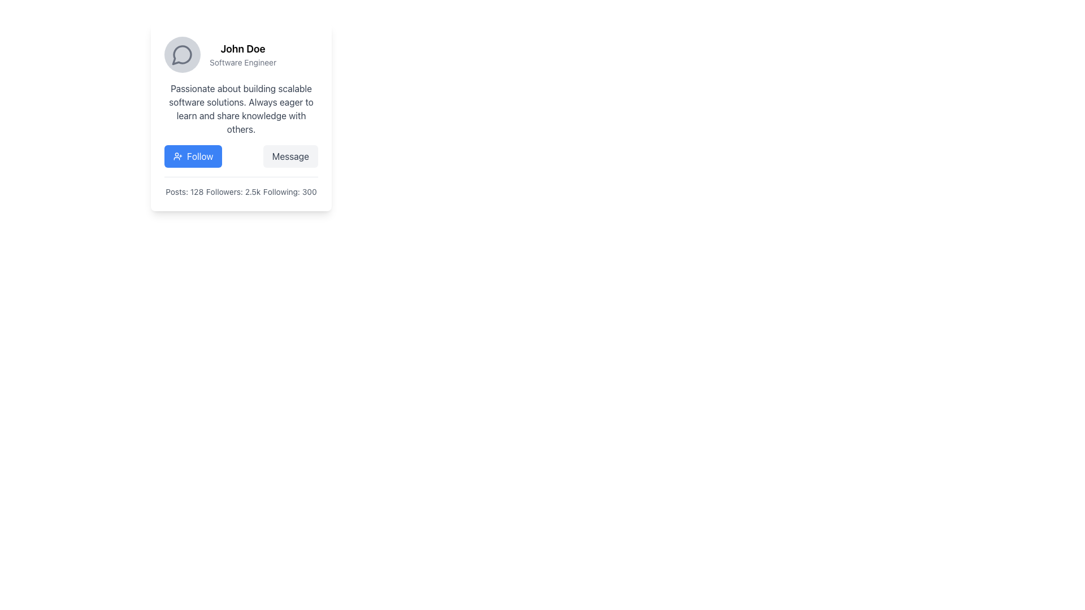 The image size is (1085, 610). What do you see at coordinates (241, 108) in the screenshot?
I see `the text block that is styled with gray text color, located centrally within a card layout, below the name and title, and above action buttons like 'Follow' and 'Message'` at bounding box center [241, 108].